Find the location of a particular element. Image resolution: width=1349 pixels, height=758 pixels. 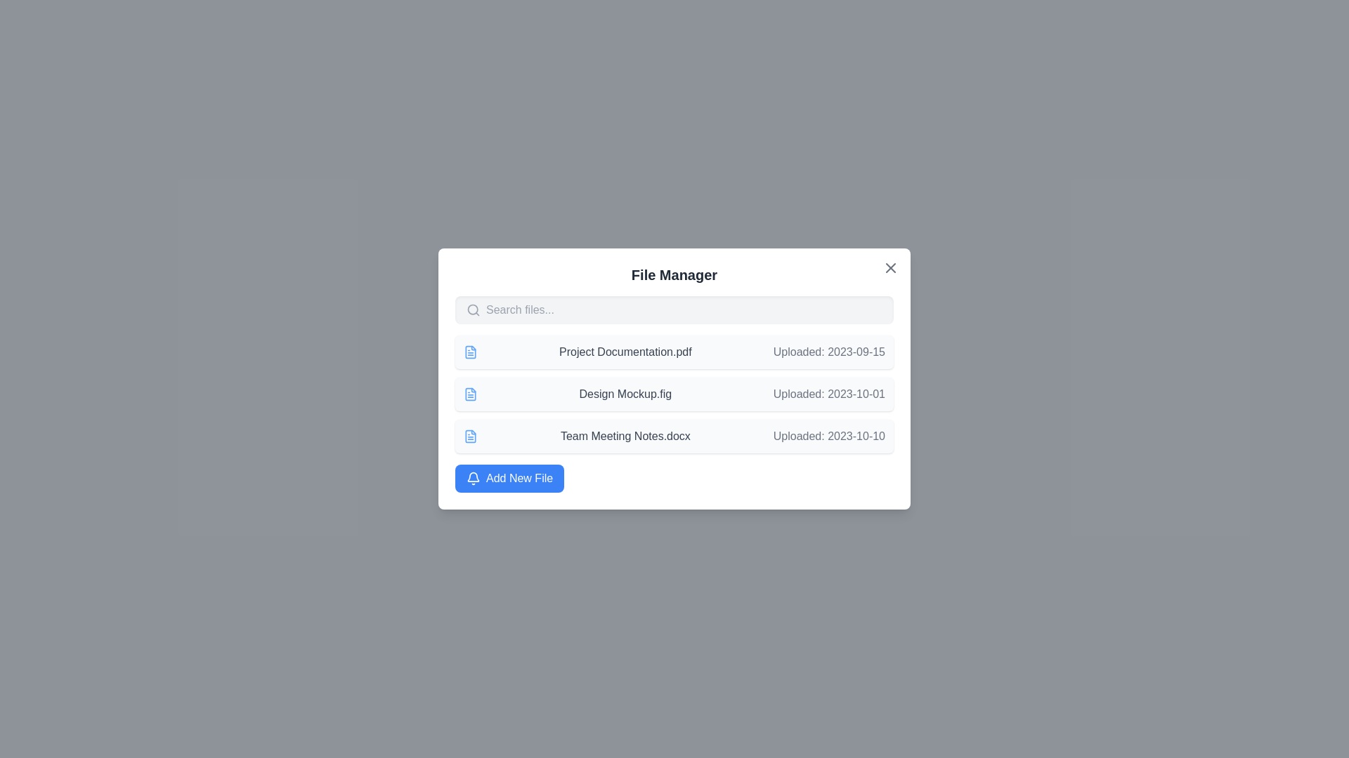

the search icon located to the left of the 'Search files...' input field, which serves as a visual prompt for search functionality is located at coordinates (473, 310).